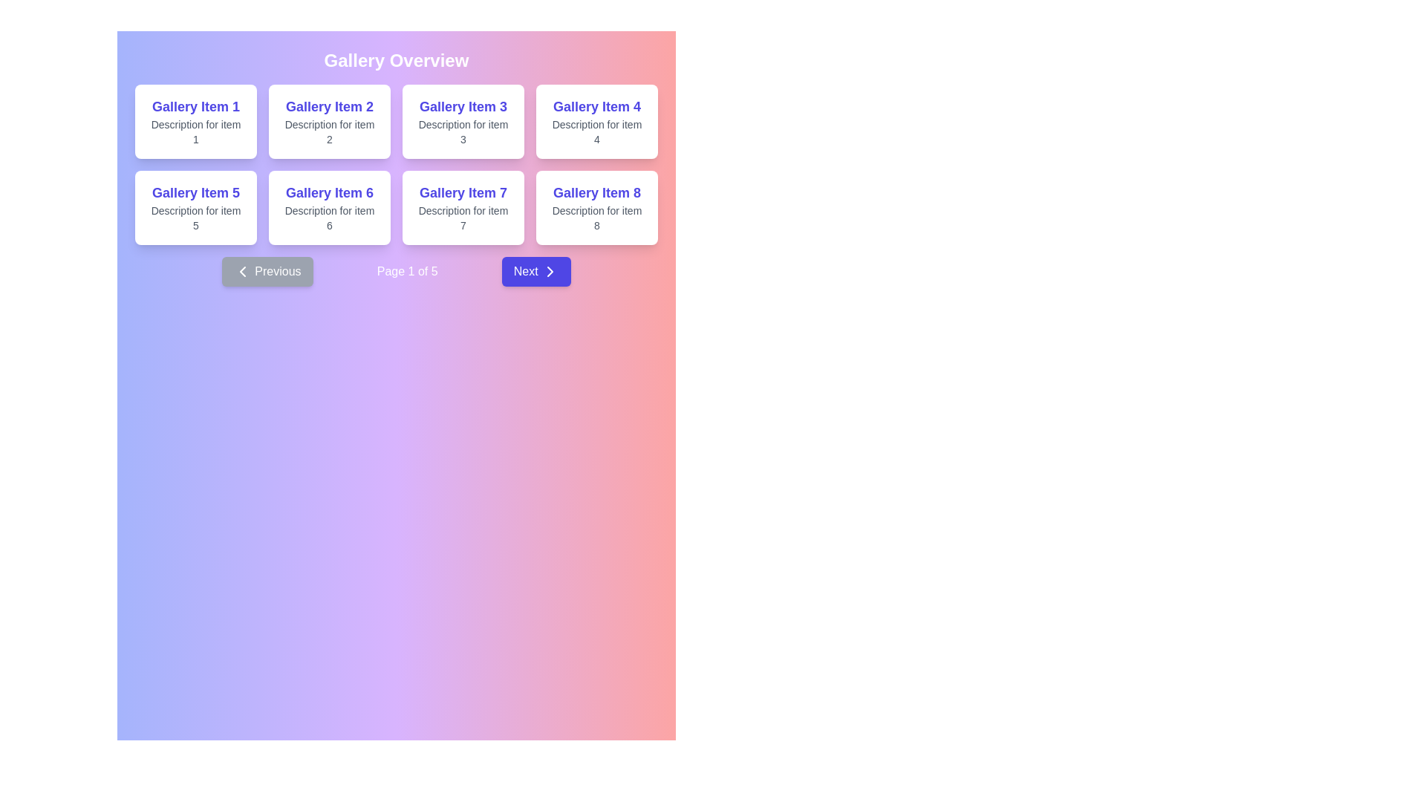  What do you see at coordinates (195, 131) in the screenshot?
I see `the text label reading 'Description for item 1' styled in gray, located below 'Gallery Item 1' within the first card in the grid layout` at bounding box center [195, 131].